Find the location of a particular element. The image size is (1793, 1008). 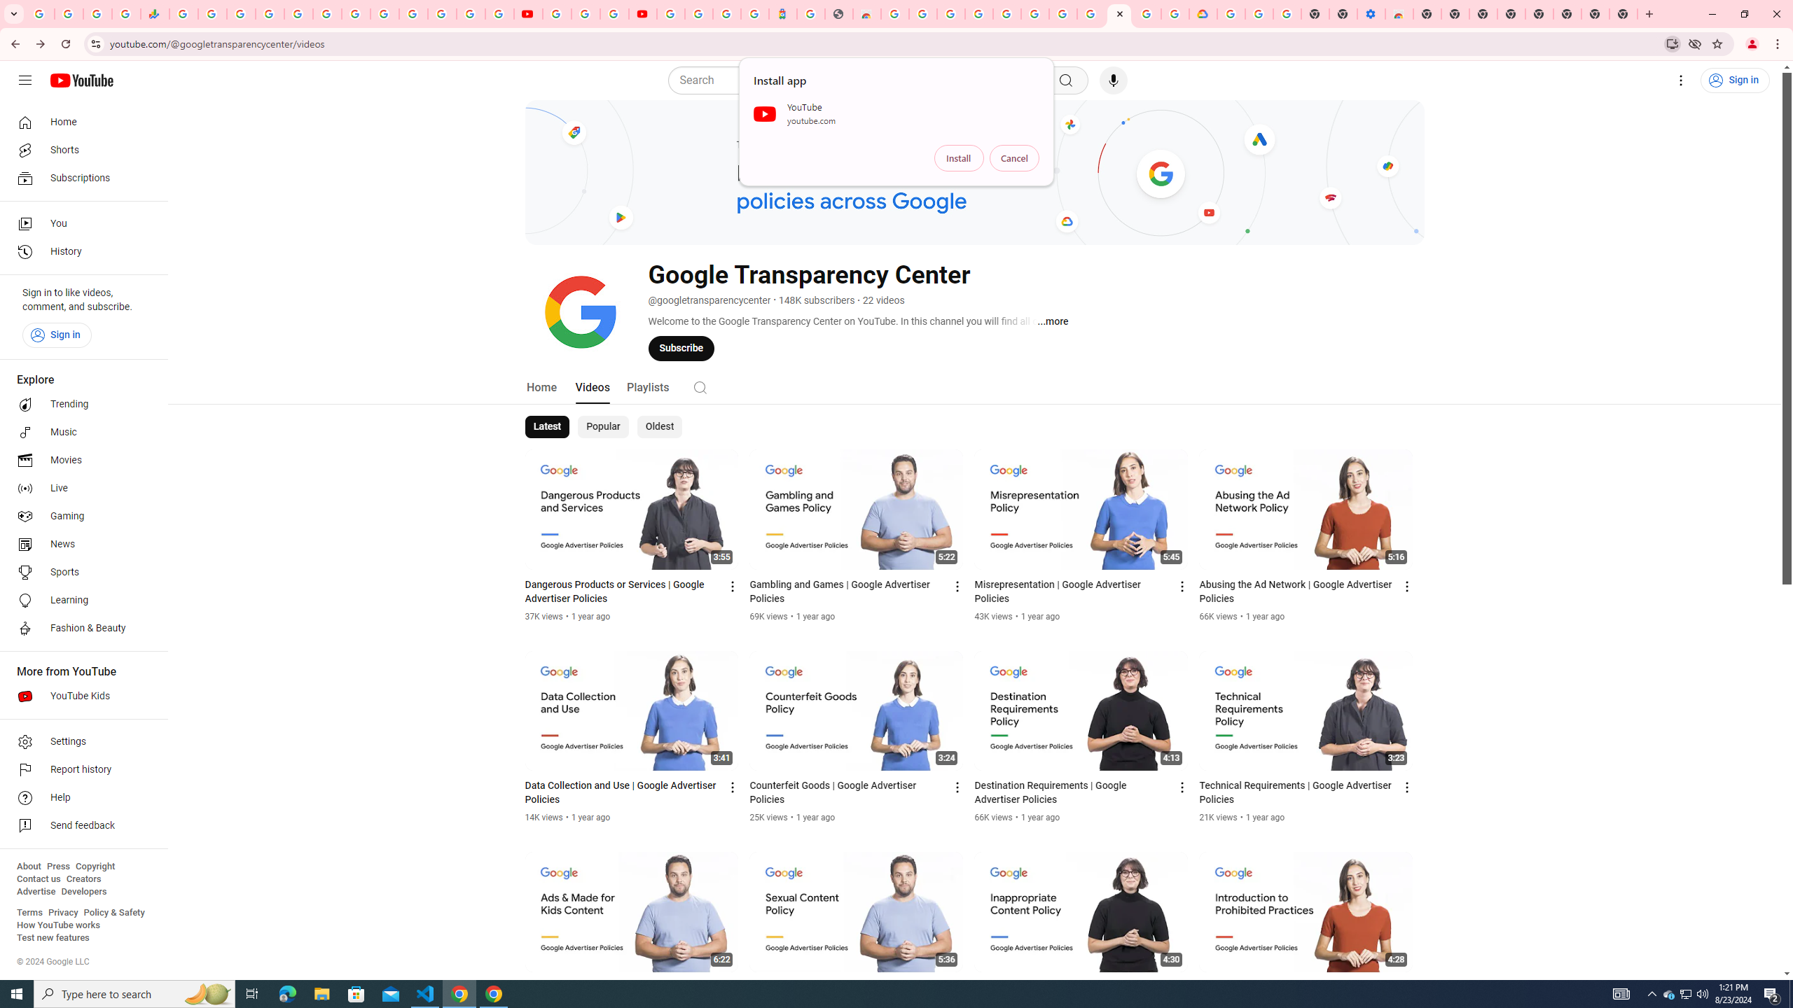

'Google Account Help' is located at coordinates (1259, 13).